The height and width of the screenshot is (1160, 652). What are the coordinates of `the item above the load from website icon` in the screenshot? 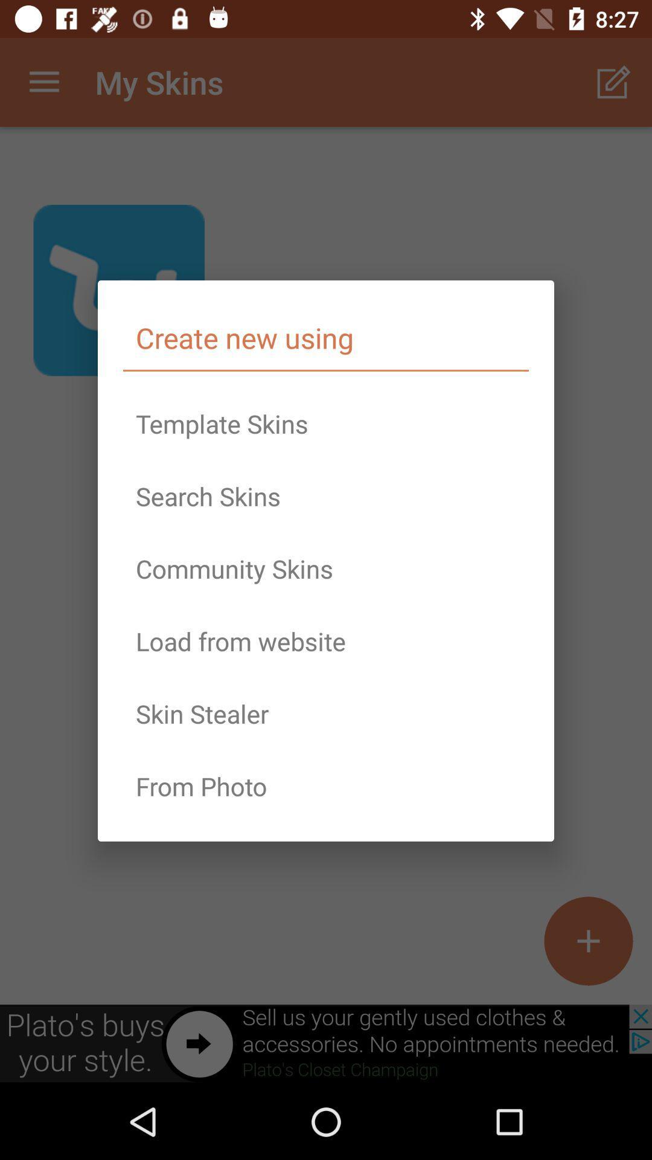 It's located at (326, 568).